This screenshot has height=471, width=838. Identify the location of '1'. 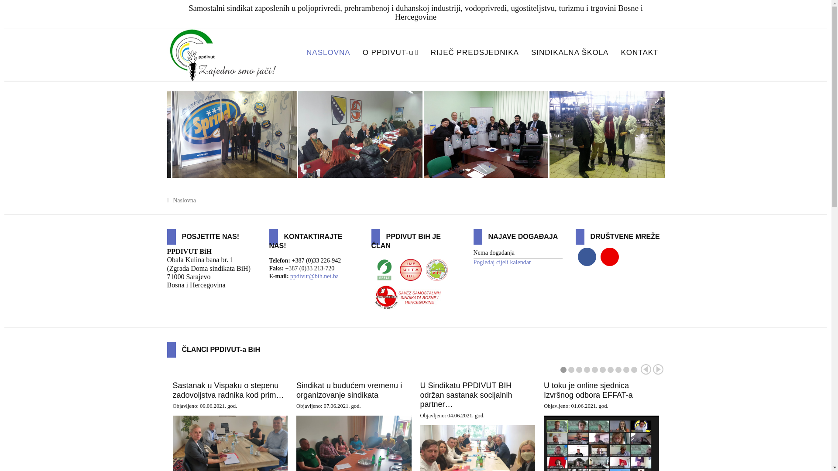
(563, 370).